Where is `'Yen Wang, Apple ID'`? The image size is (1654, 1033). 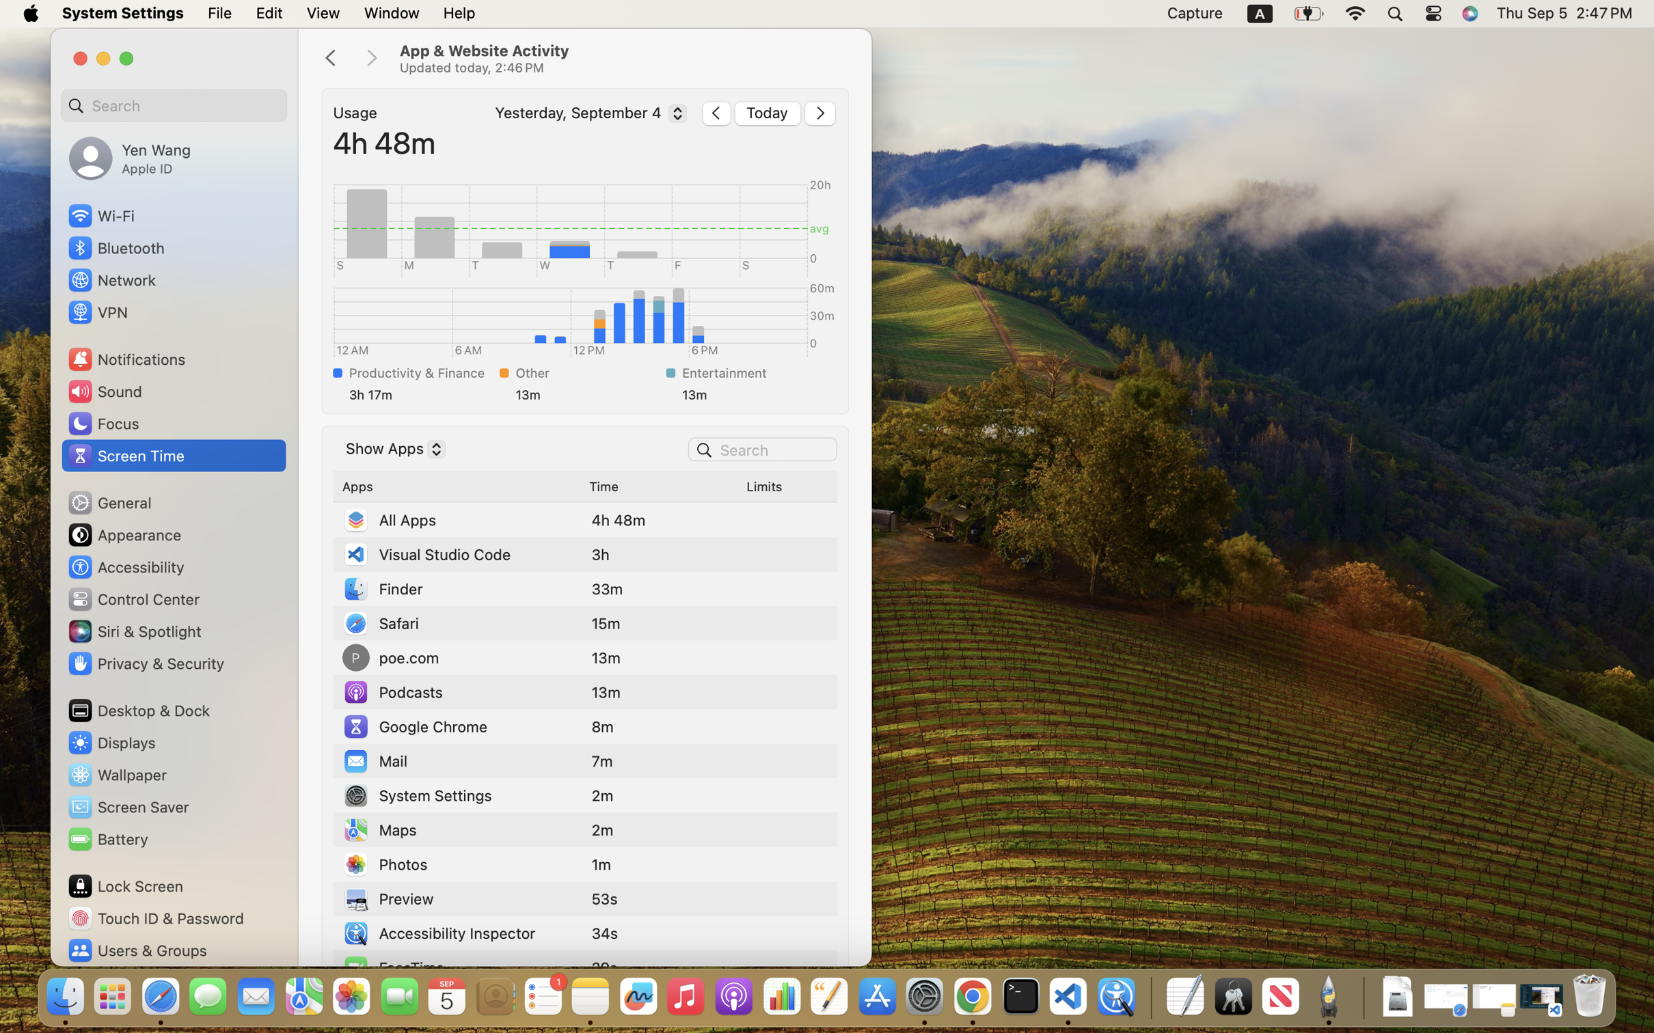 'Yen Wang, Apple ID' is located at coordinates (129, 157).